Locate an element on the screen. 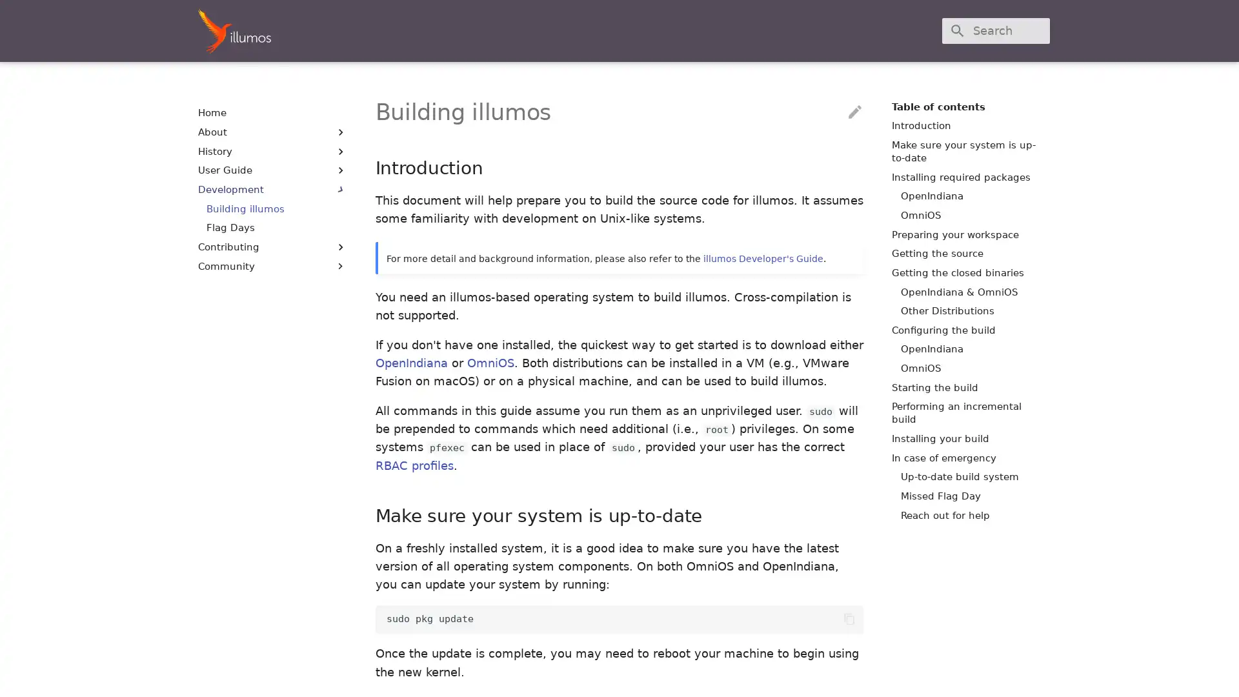 The image size is (1239, 697). Clear is located at coordinates (1034, 30).